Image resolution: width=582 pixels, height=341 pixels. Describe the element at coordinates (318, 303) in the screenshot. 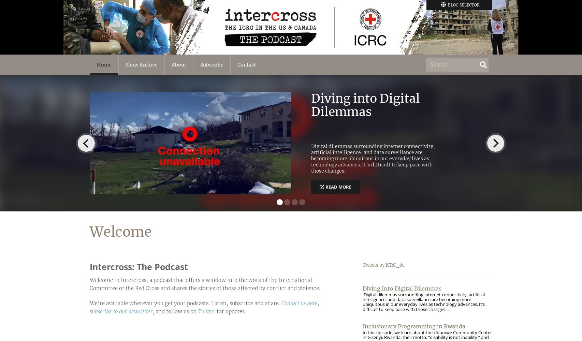

I see `','` at that location.